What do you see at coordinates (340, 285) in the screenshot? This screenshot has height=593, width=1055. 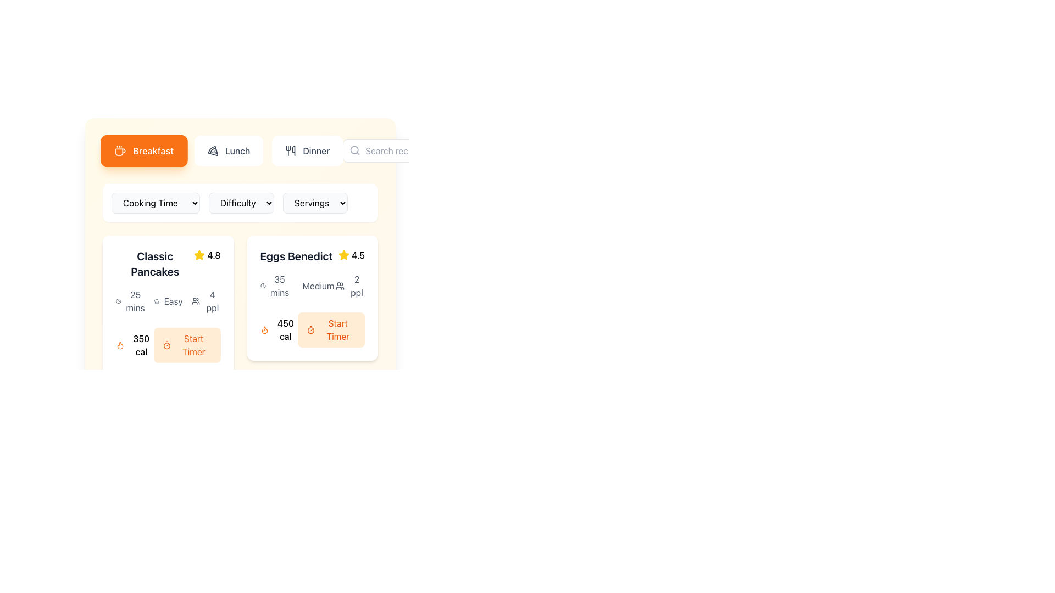 I see `the icon representing a group of users, located beside the text '2 ppl' in the details section of the 'Eggs Benedict' card` at bounding box center [340, 285].